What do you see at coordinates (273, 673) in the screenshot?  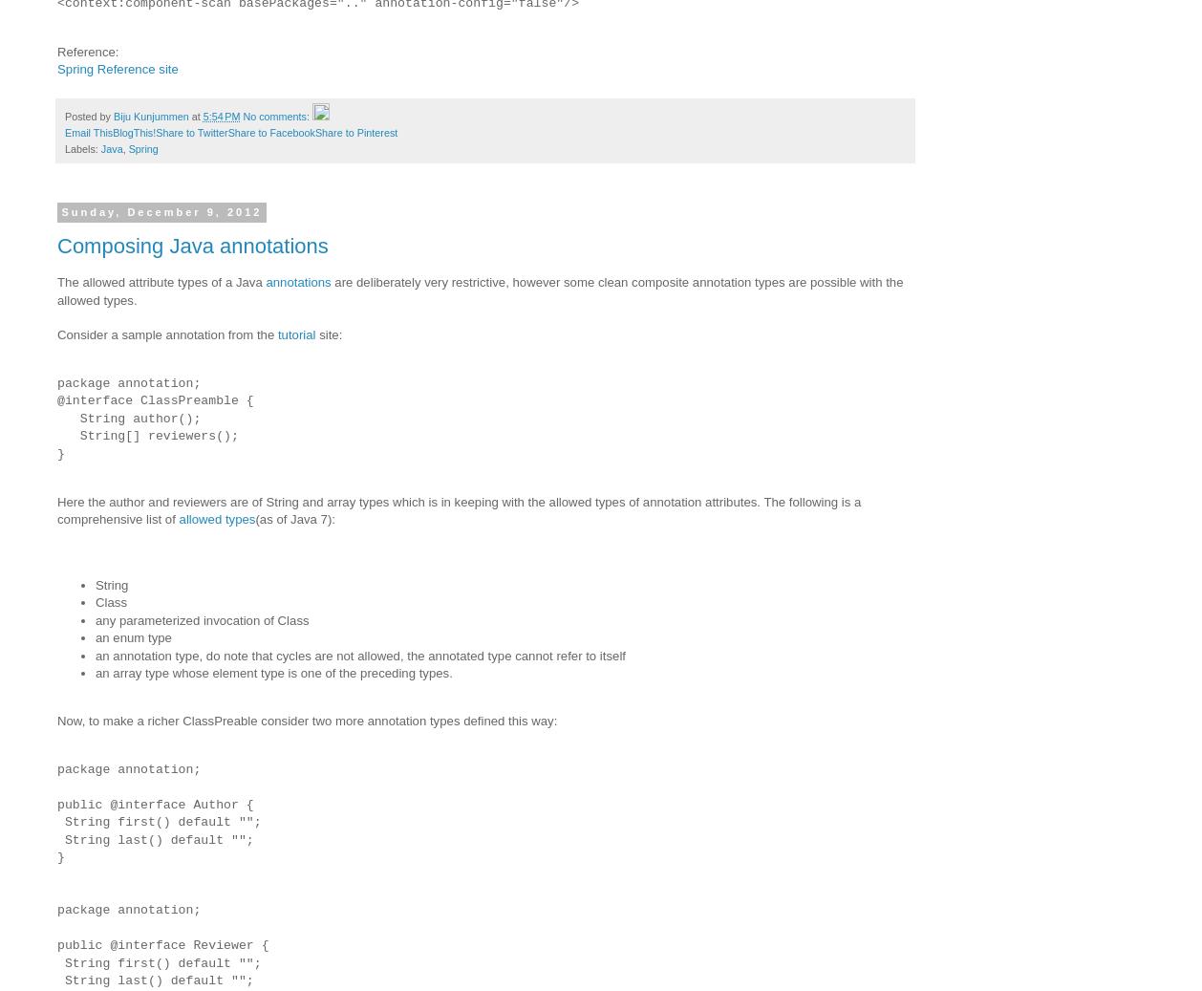 I see `'an array type whose element type is one of the preceding types.'` at bounding box center [273, 673].